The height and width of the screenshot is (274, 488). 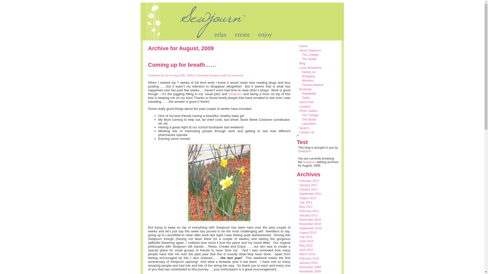 I want to click on 'March 2010', so click(x=307, y=254).